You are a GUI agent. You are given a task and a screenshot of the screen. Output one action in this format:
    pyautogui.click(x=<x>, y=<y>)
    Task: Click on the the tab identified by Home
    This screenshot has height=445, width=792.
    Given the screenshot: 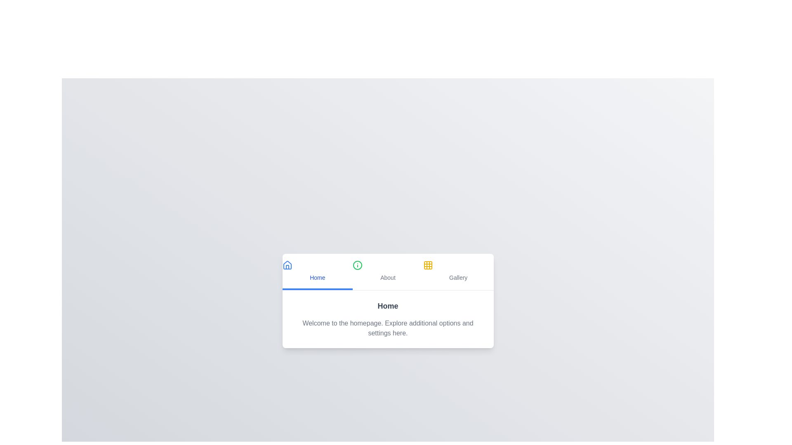 What is the action you would take?
    pyautogui.click(x=317, y=272)
    